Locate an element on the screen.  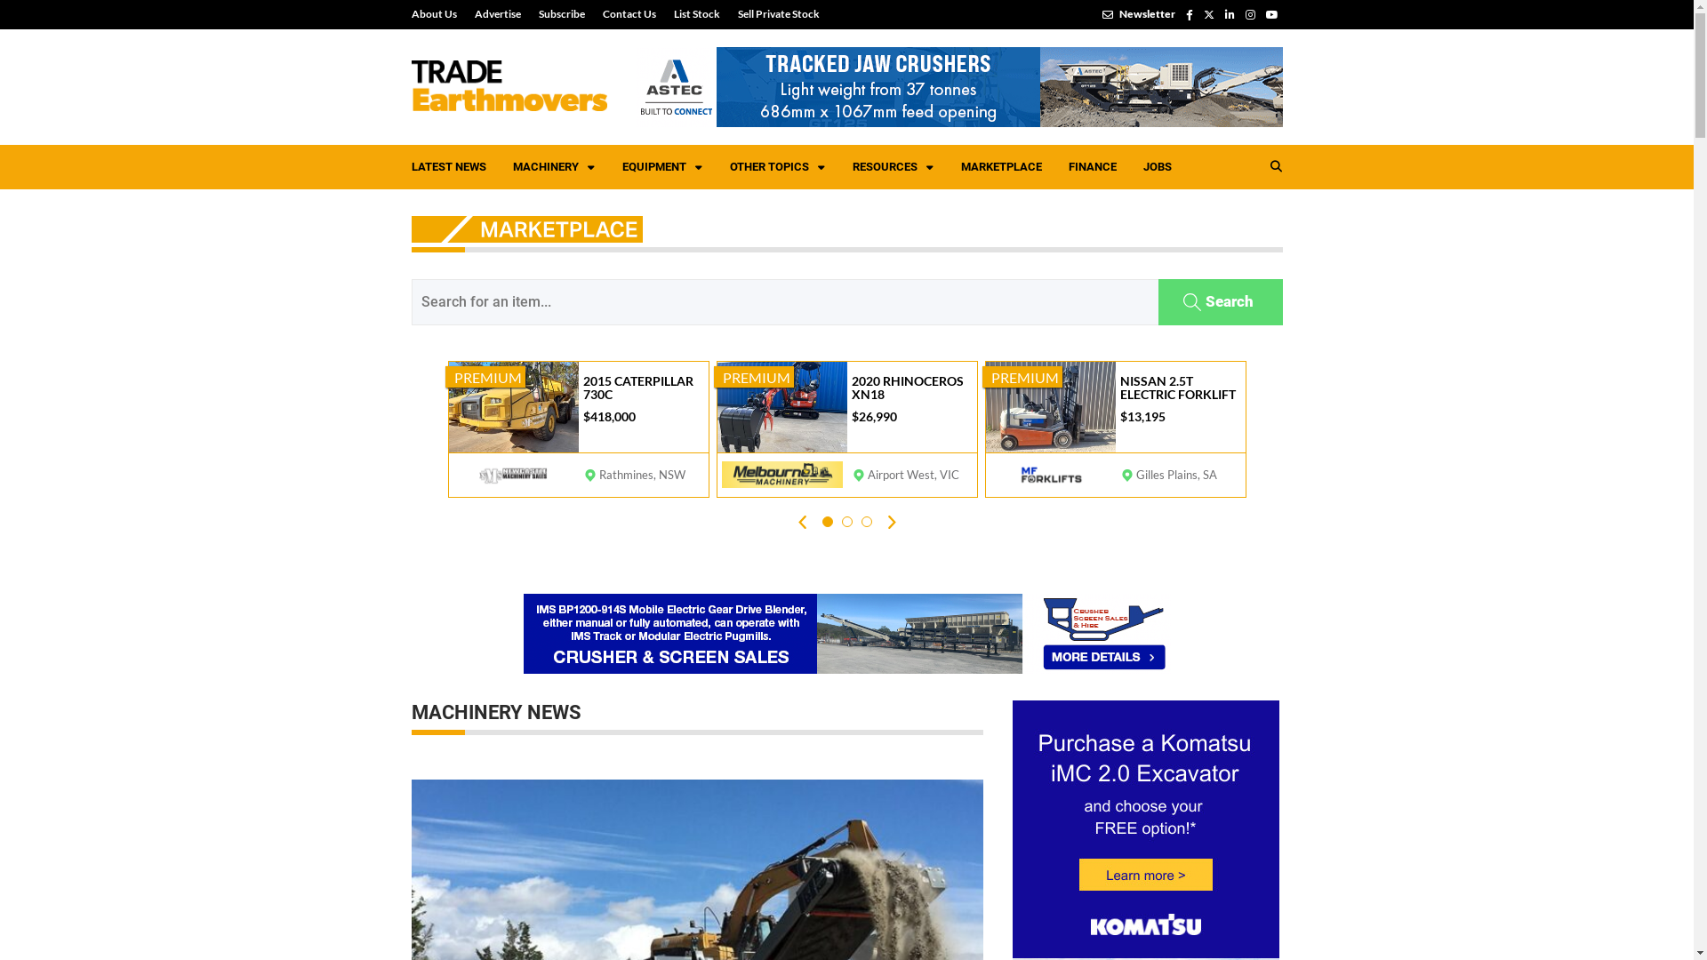
'PREMIUM is located at coordinates (577, 428).